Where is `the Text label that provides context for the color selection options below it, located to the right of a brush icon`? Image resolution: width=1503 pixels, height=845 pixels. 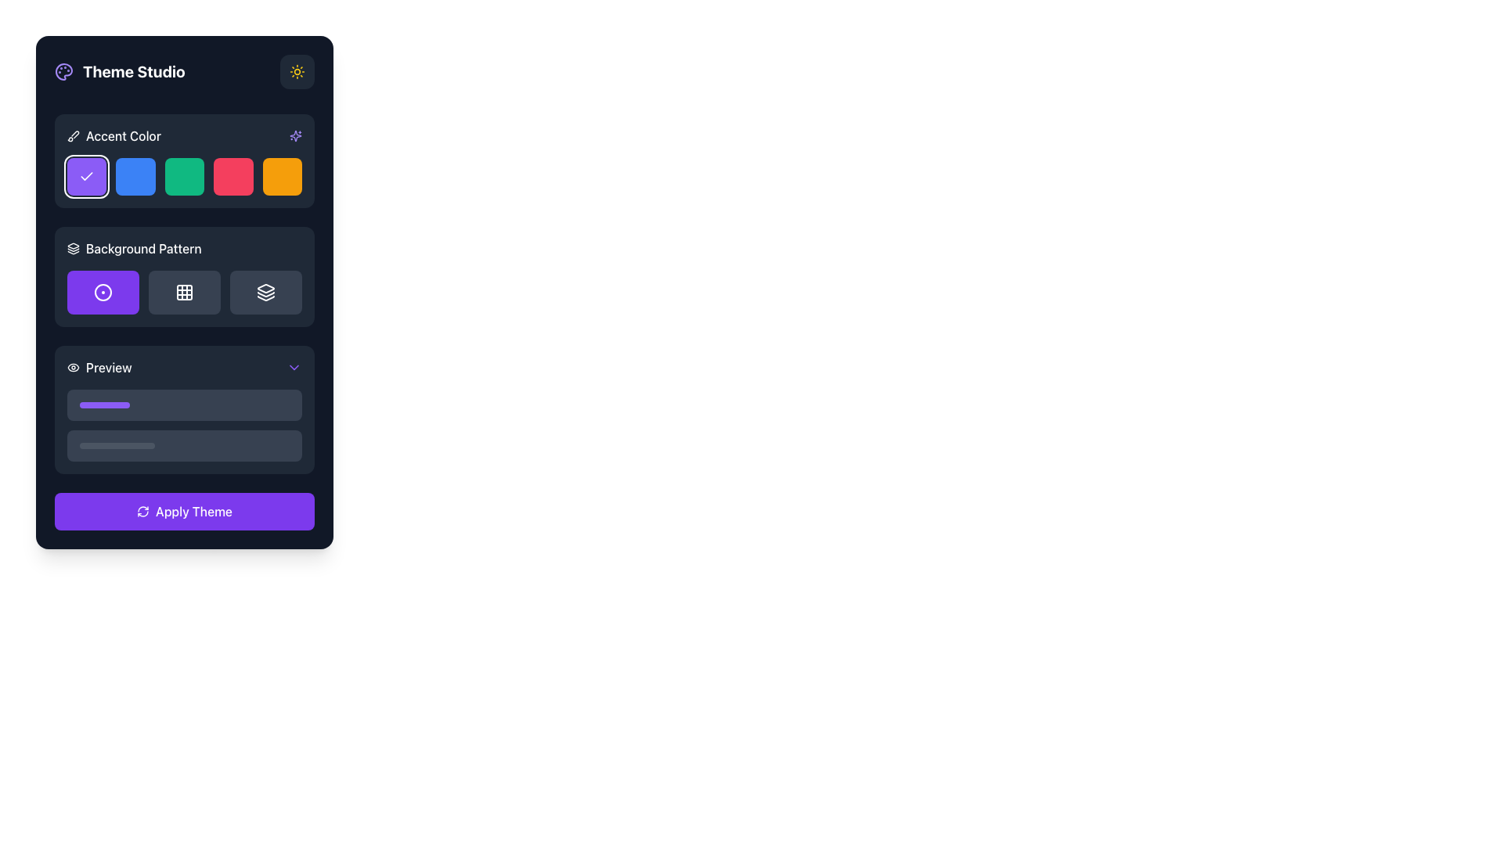
the Text label that provides context for the color selection options below it, located to the right of a brush icon is located at coordinates (123, 135).